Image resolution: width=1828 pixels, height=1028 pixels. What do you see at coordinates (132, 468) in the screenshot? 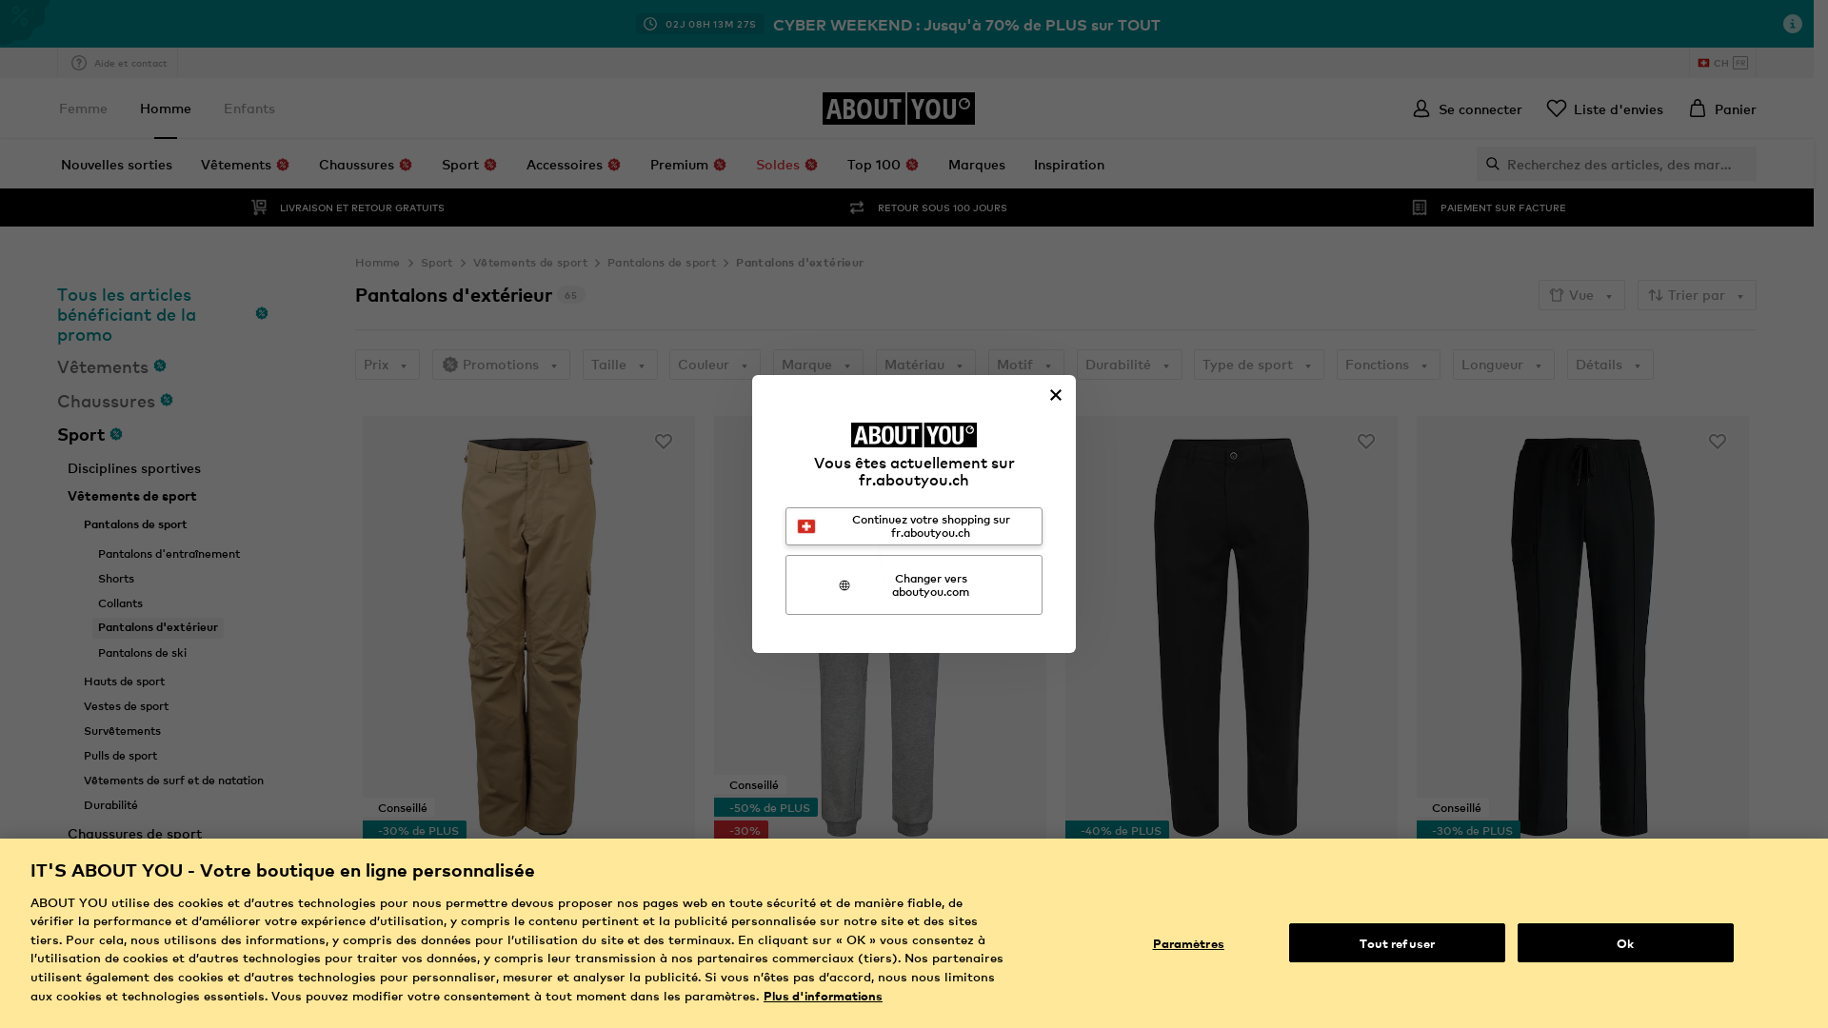
I see `'Disciplines sportives'` at bounding box center [132, 468].